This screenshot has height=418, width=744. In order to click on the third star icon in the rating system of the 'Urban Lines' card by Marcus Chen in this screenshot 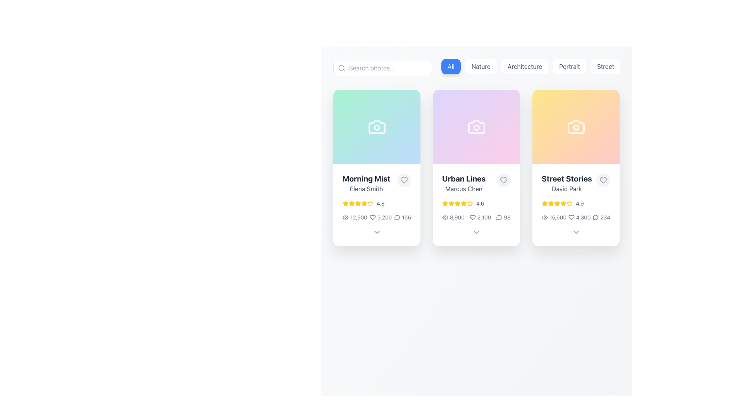, I will do `click(451, 203)`.